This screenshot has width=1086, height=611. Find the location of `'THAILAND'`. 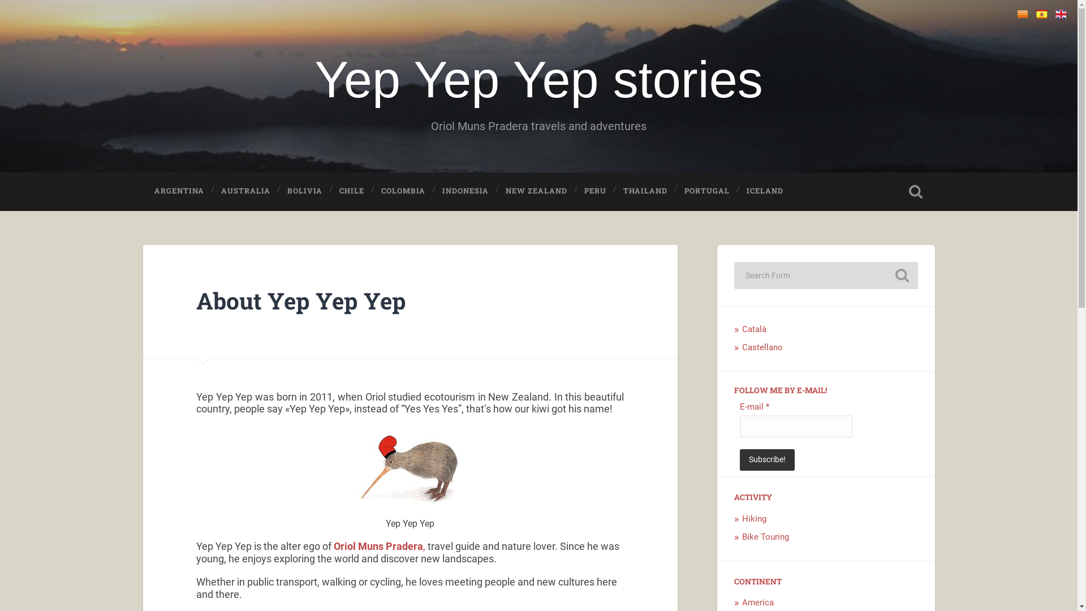

'THAILAND' is located at coordinates (645, 190).